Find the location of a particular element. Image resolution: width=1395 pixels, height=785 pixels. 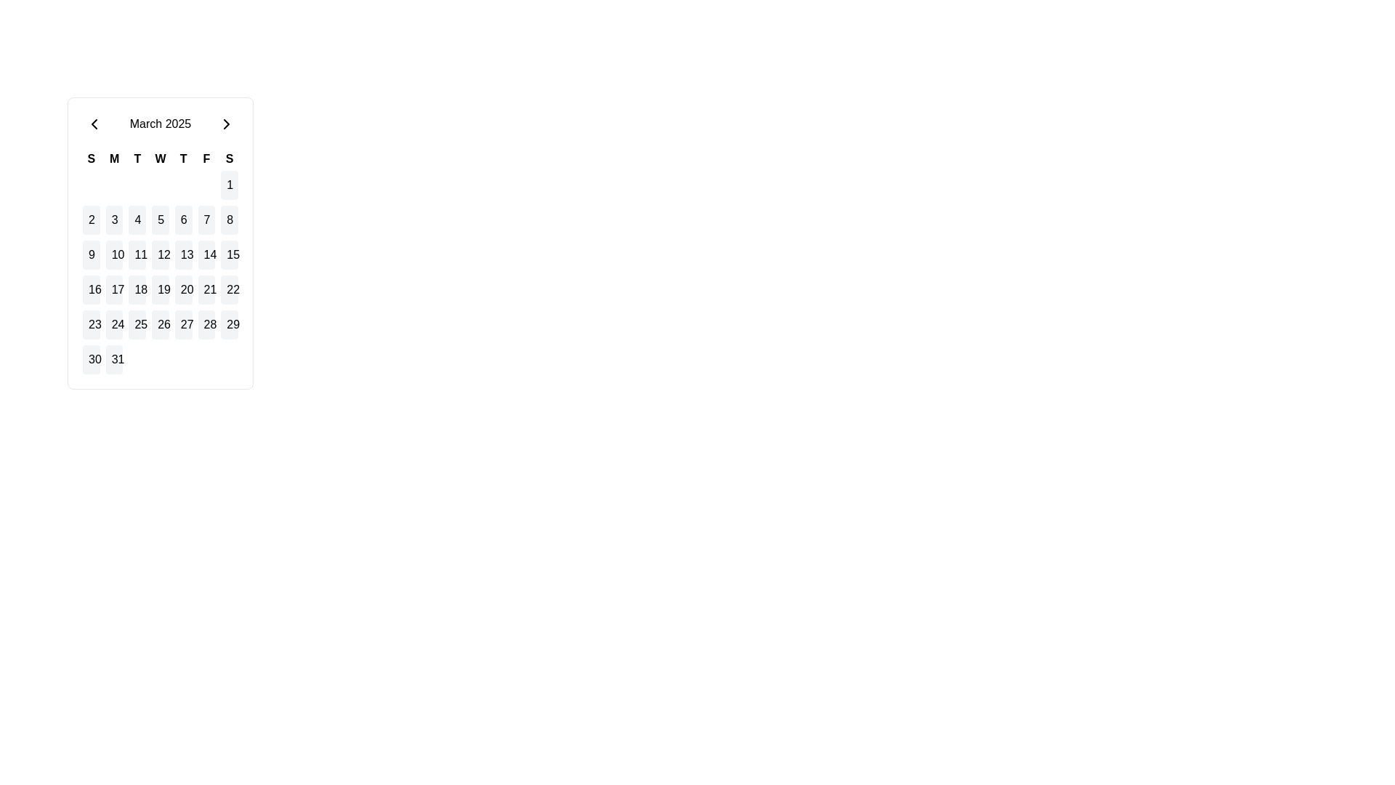

the rectangular button labeled '5' with a light gray background is located at coordinates (160, 220).